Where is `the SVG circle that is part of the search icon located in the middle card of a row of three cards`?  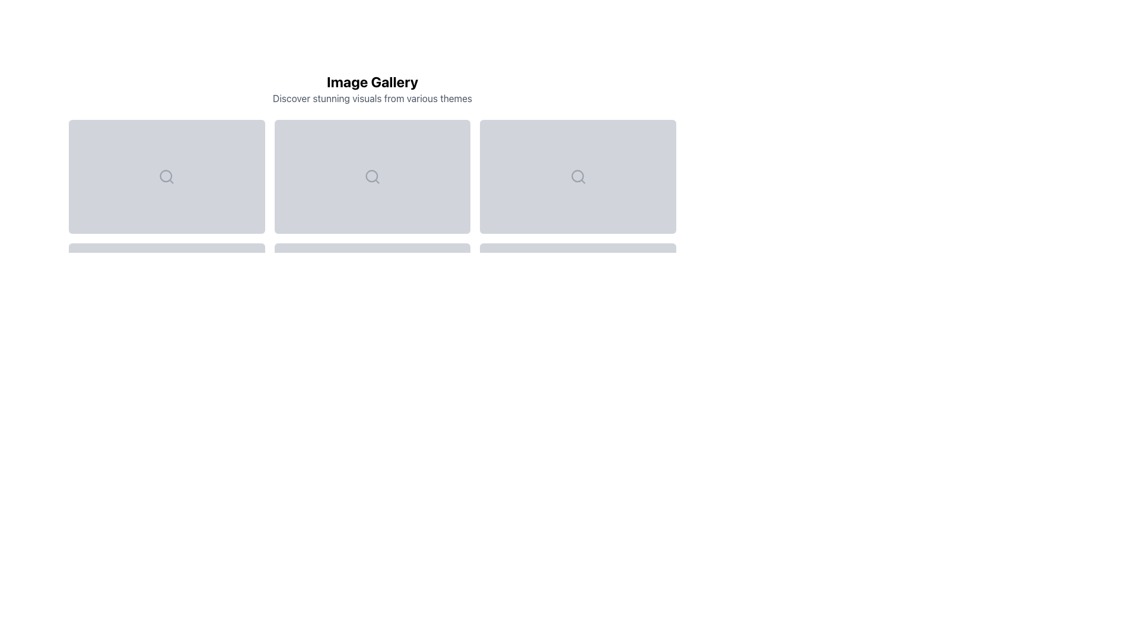 the SVG circle that is part of the search icon located in the middle card of a row of three cards is located at coordinates (577, 176).